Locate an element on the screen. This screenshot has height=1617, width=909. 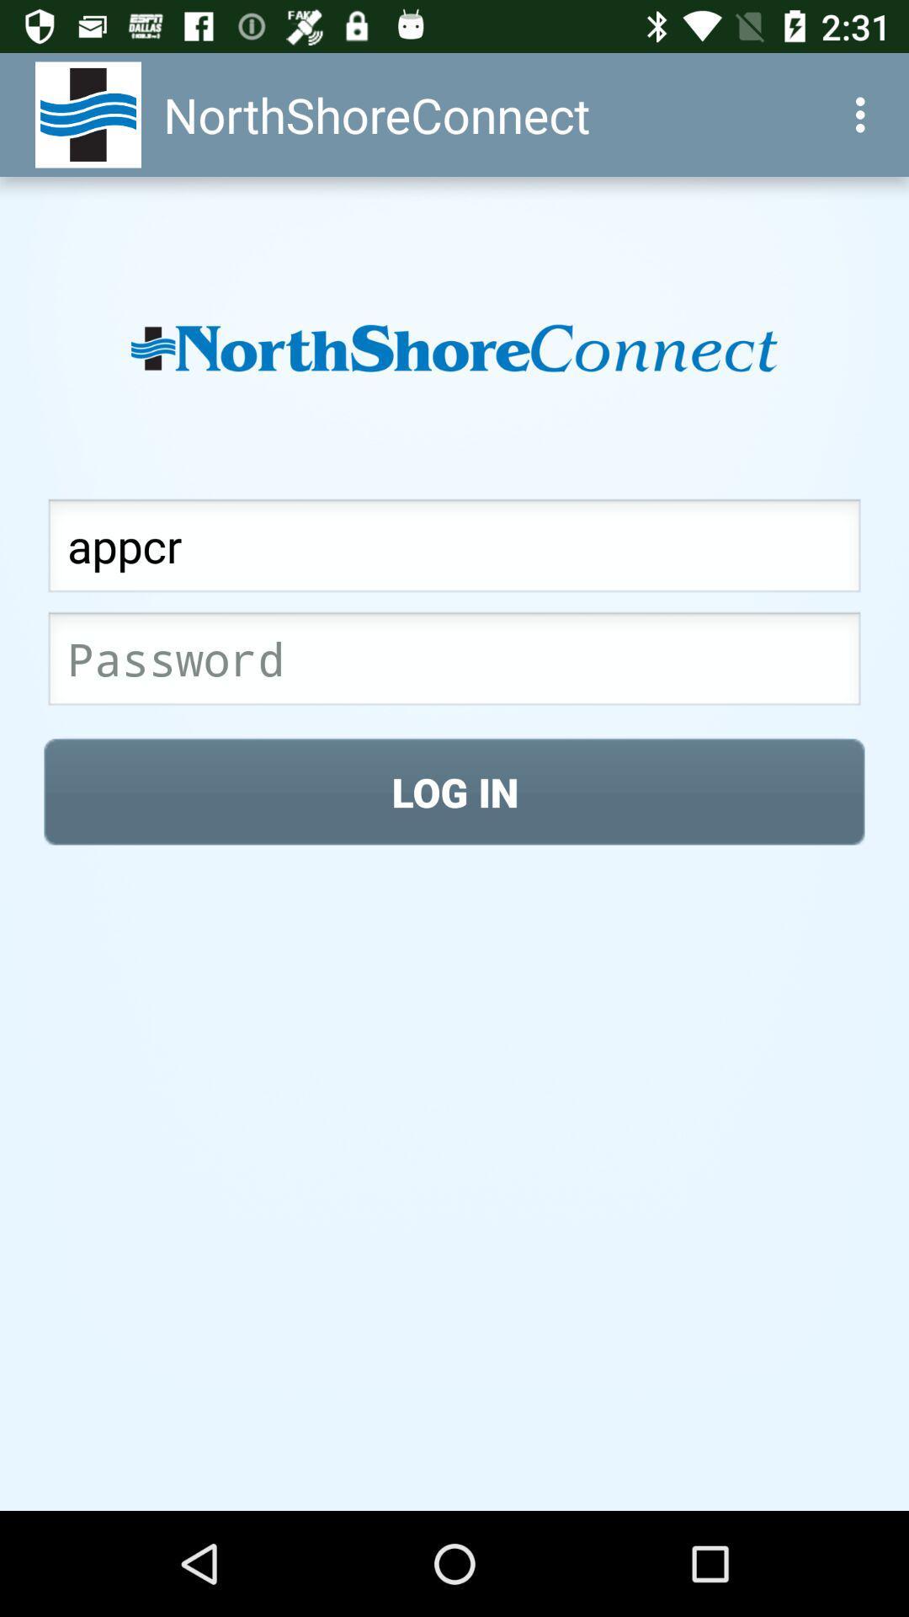
password is located at coordinates (454, 663).